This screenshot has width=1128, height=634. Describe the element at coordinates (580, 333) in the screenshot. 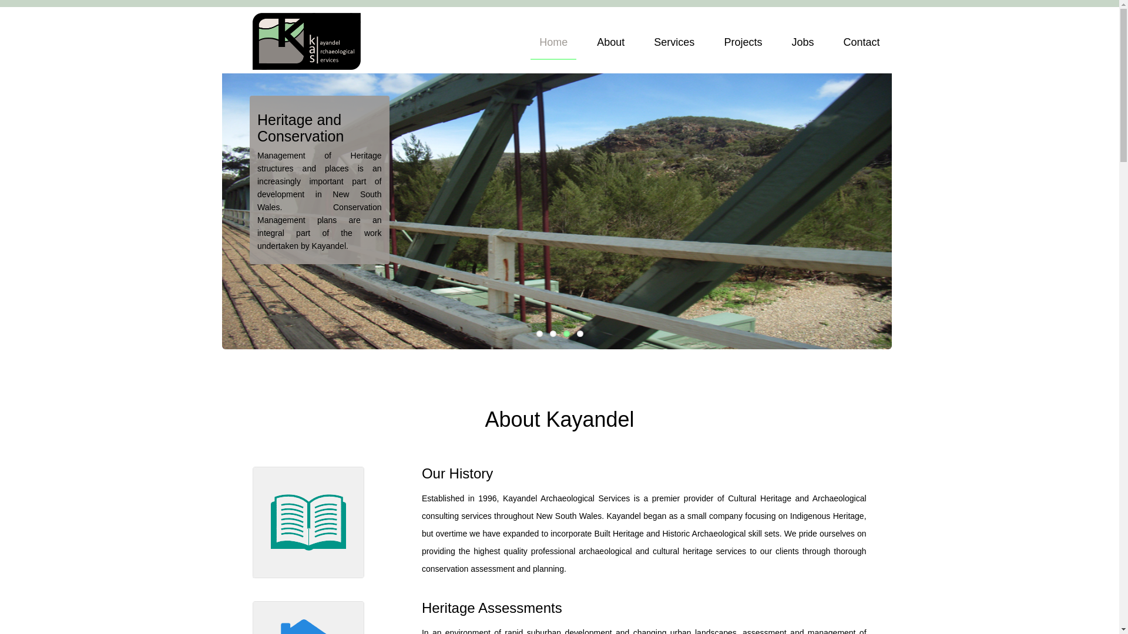

I see `'4'` at that location.